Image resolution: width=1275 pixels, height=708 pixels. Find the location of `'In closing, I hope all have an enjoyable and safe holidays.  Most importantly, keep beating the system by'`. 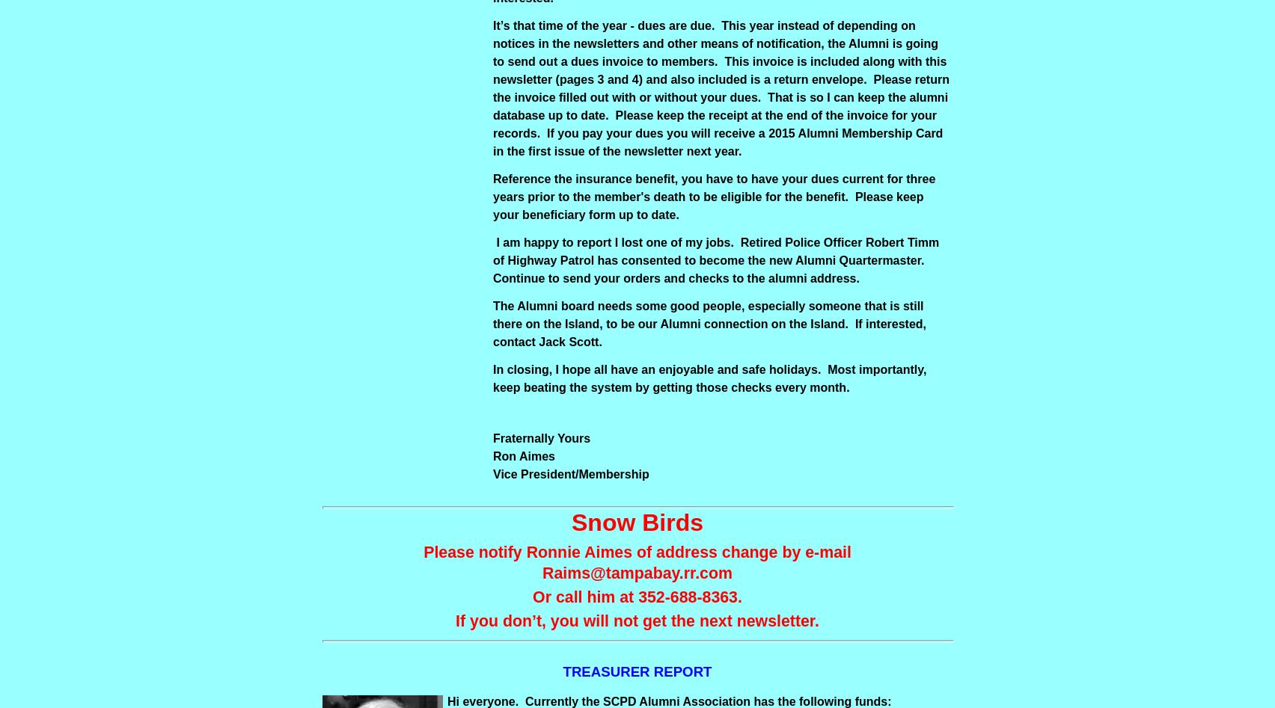

'In closing, I hope all have an enjoyable and safe holidays.  Most importantly, keep beating the system by' is located at coordinates (709, 378).